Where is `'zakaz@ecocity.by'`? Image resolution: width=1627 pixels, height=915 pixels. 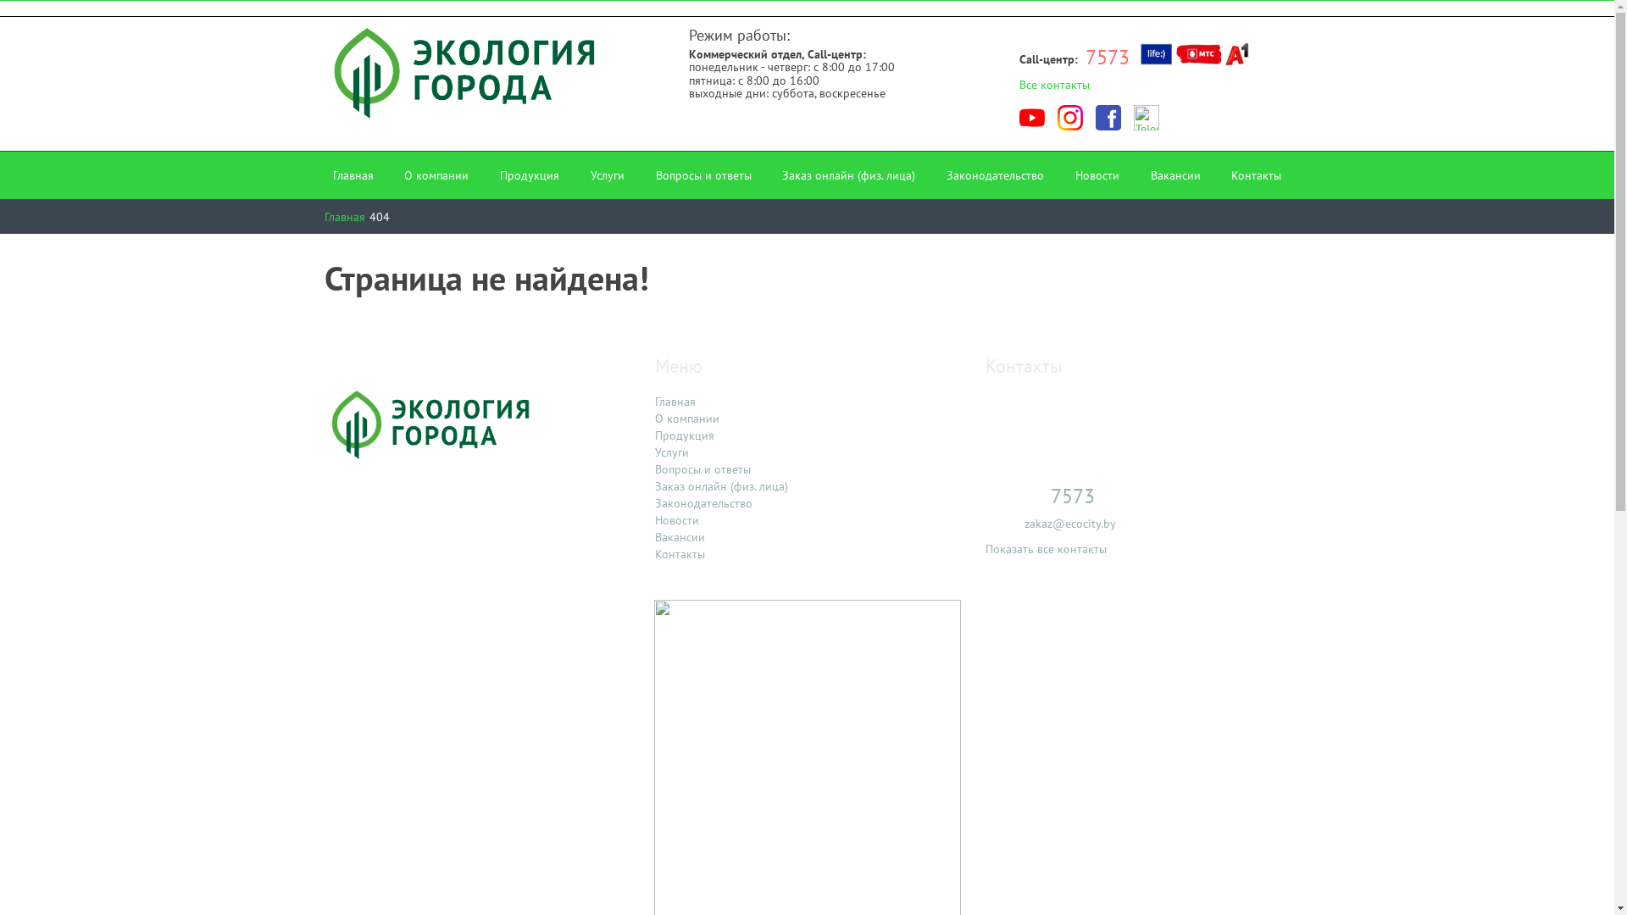 'zakaz@ecocity.by' is located at coordinates (1069, 522).